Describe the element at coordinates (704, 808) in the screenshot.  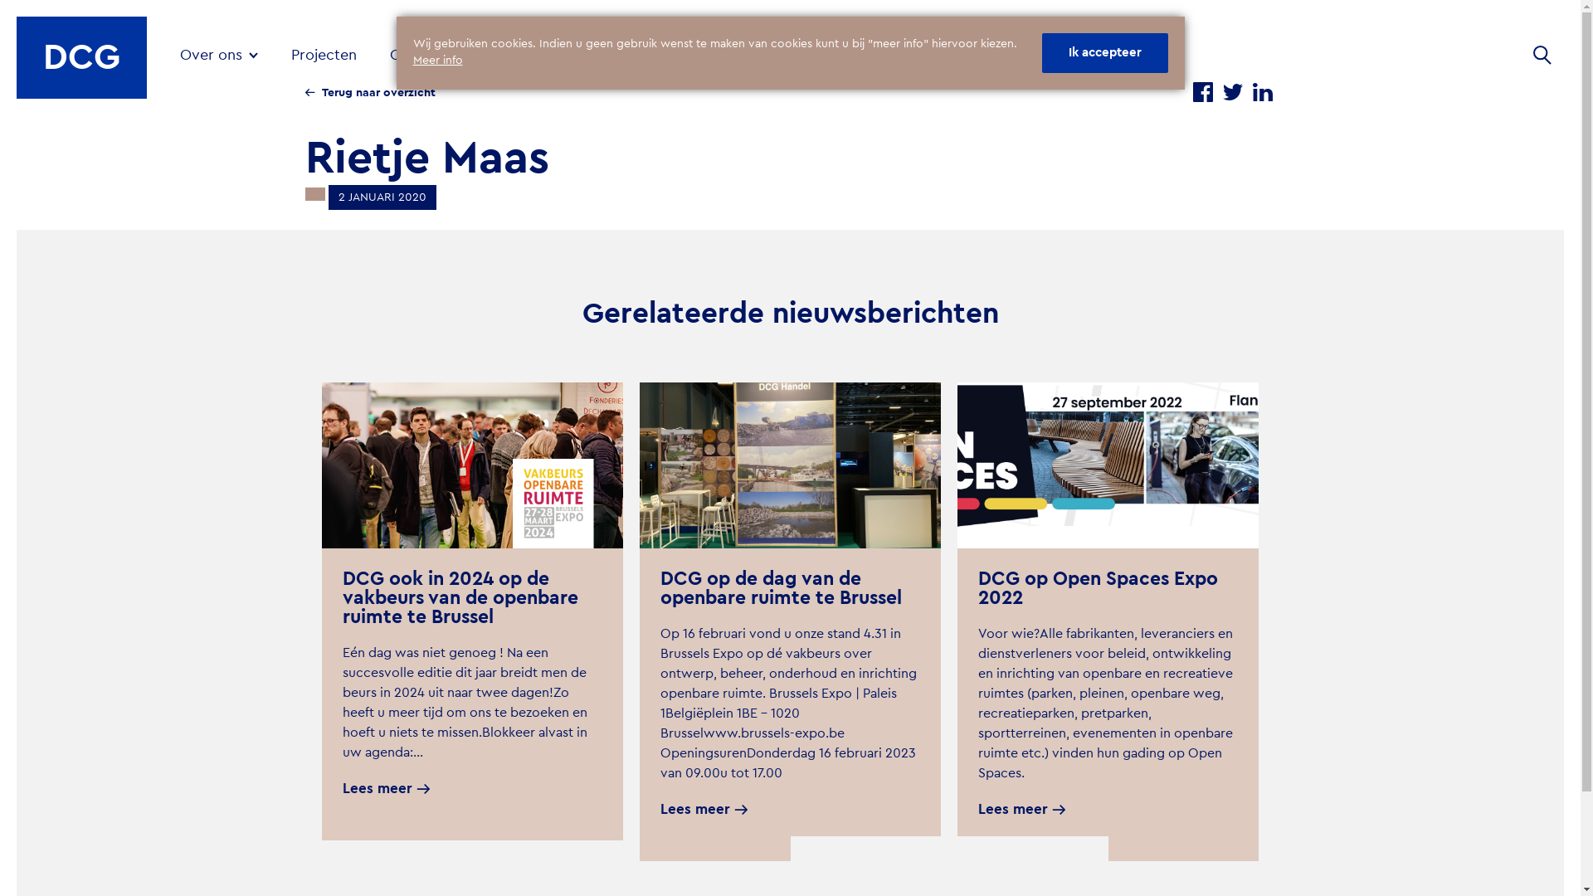
I see `'Lees meer'` at that location.